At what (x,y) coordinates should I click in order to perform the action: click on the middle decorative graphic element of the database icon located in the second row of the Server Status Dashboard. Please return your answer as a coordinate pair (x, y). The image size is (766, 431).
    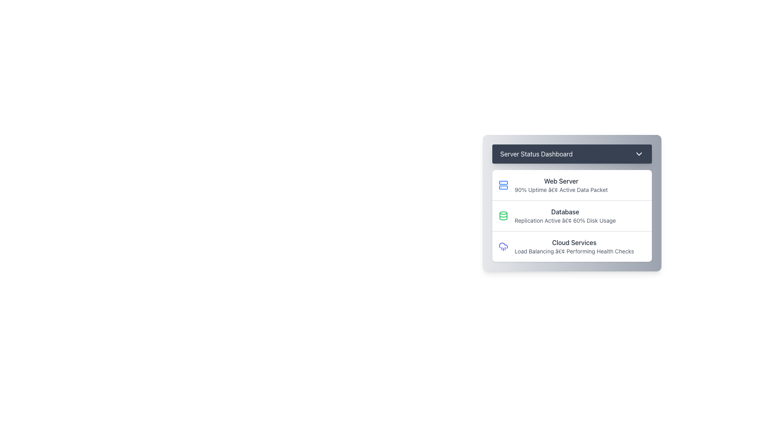
    Looking at the image, I should click on (503, 216).